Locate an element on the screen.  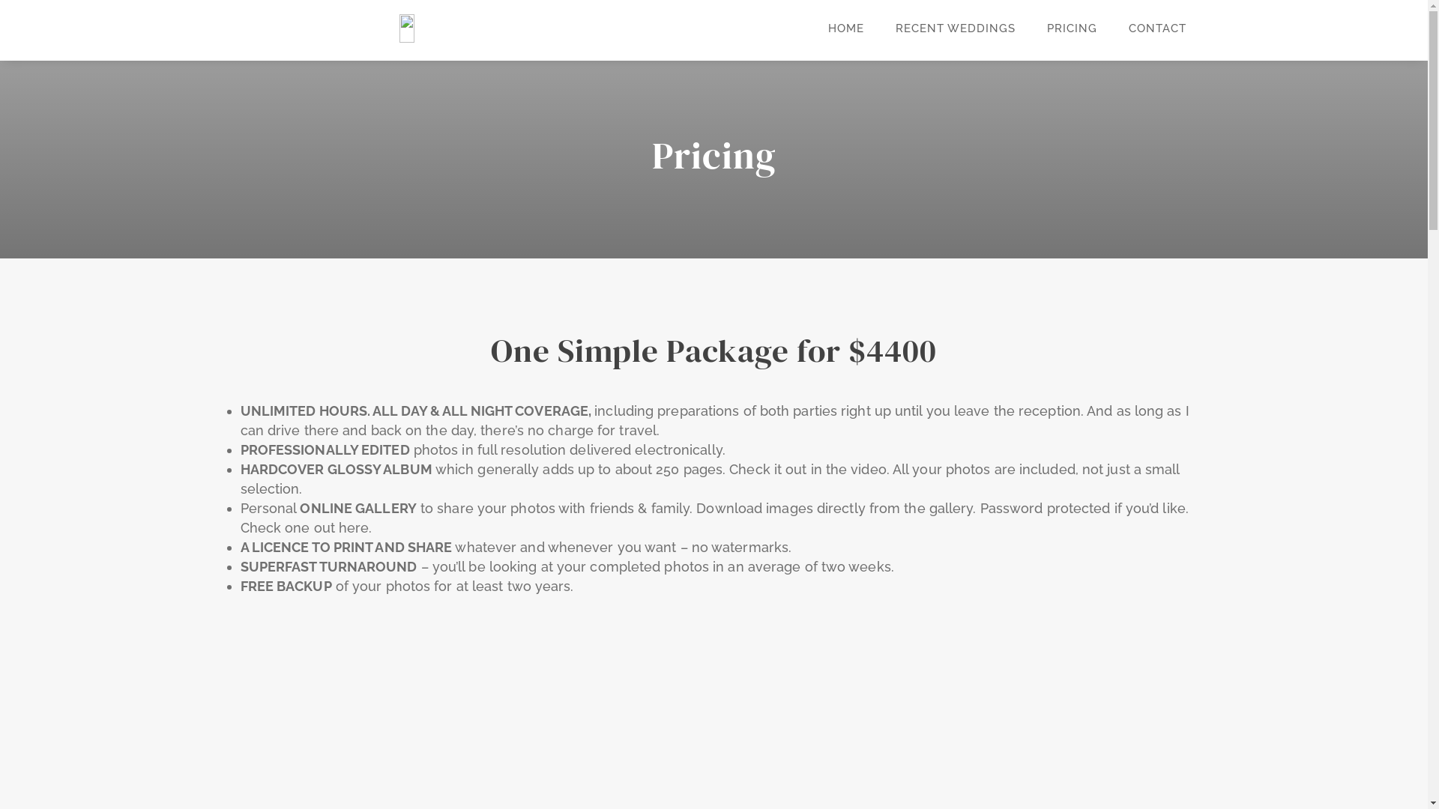
'HOME' is located at coordinates (845, 28).